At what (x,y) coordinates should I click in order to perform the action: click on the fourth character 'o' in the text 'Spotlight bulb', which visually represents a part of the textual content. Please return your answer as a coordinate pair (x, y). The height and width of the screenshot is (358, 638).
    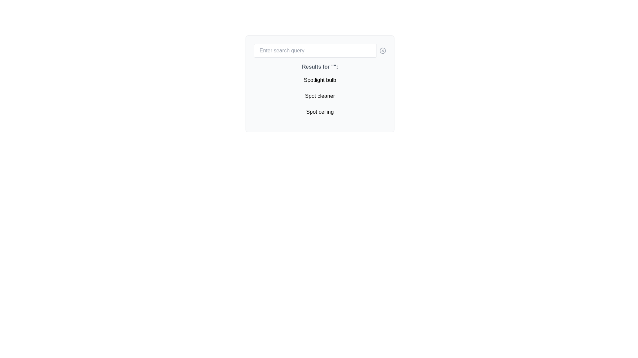
    Looking at the image, I should click on (311, 80).